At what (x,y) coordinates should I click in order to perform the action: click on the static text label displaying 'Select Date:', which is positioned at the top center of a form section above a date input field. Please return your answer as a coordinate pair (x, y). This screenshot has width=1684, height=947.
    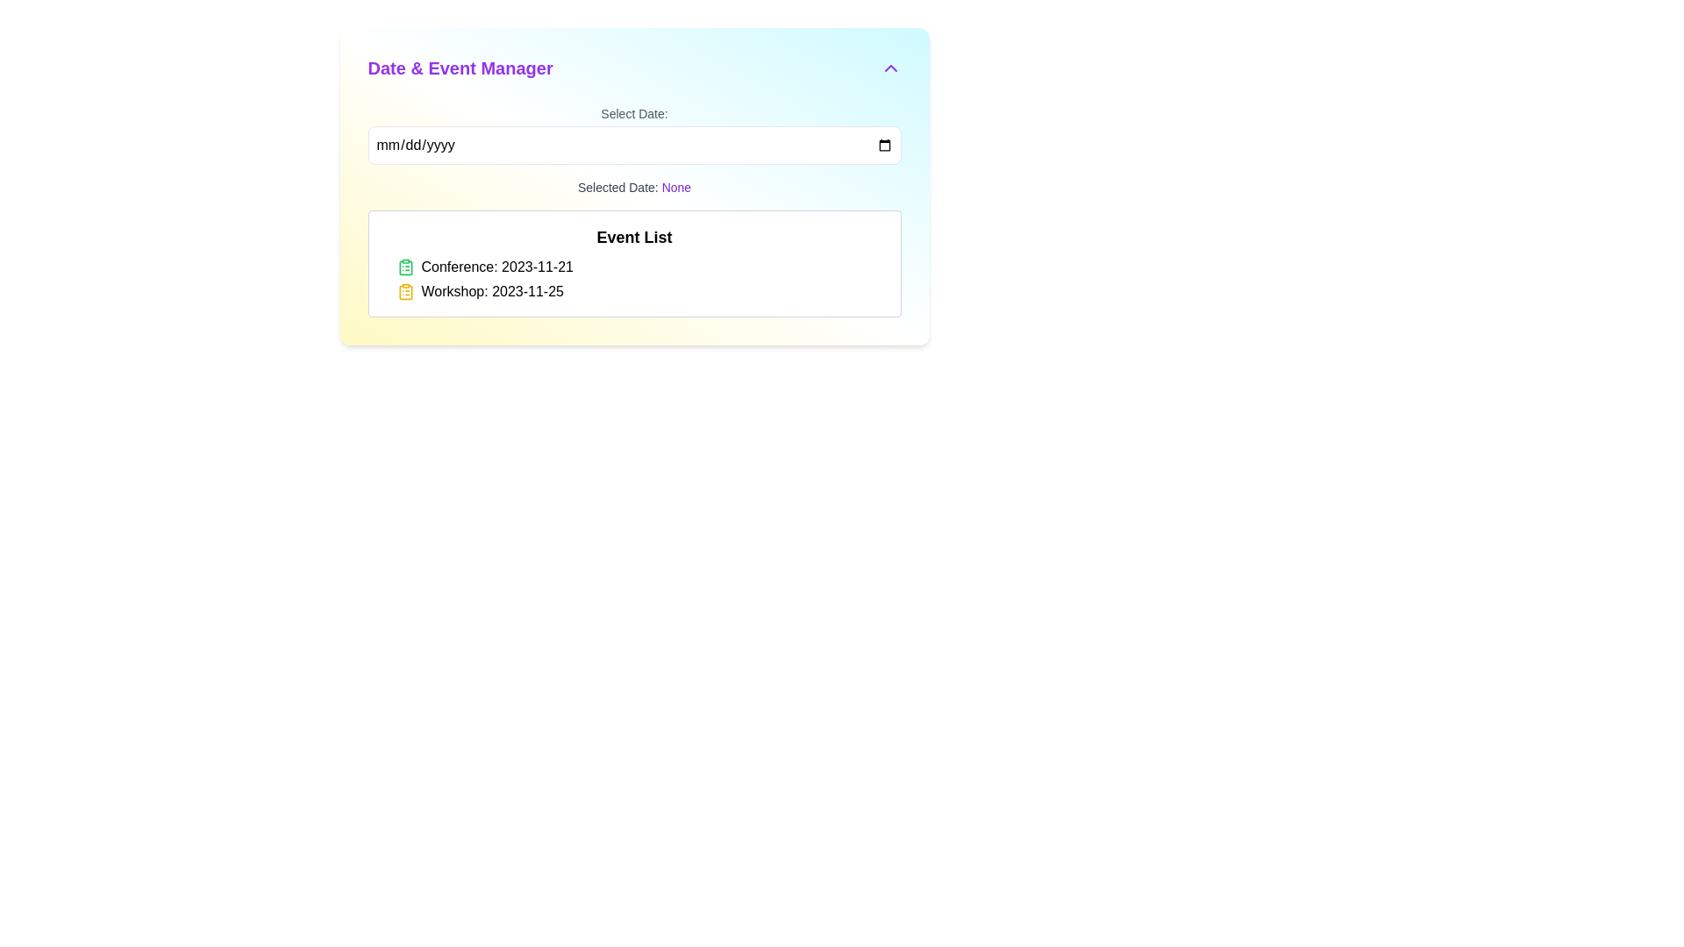
    Looking at the image, I should click on (633, 114).